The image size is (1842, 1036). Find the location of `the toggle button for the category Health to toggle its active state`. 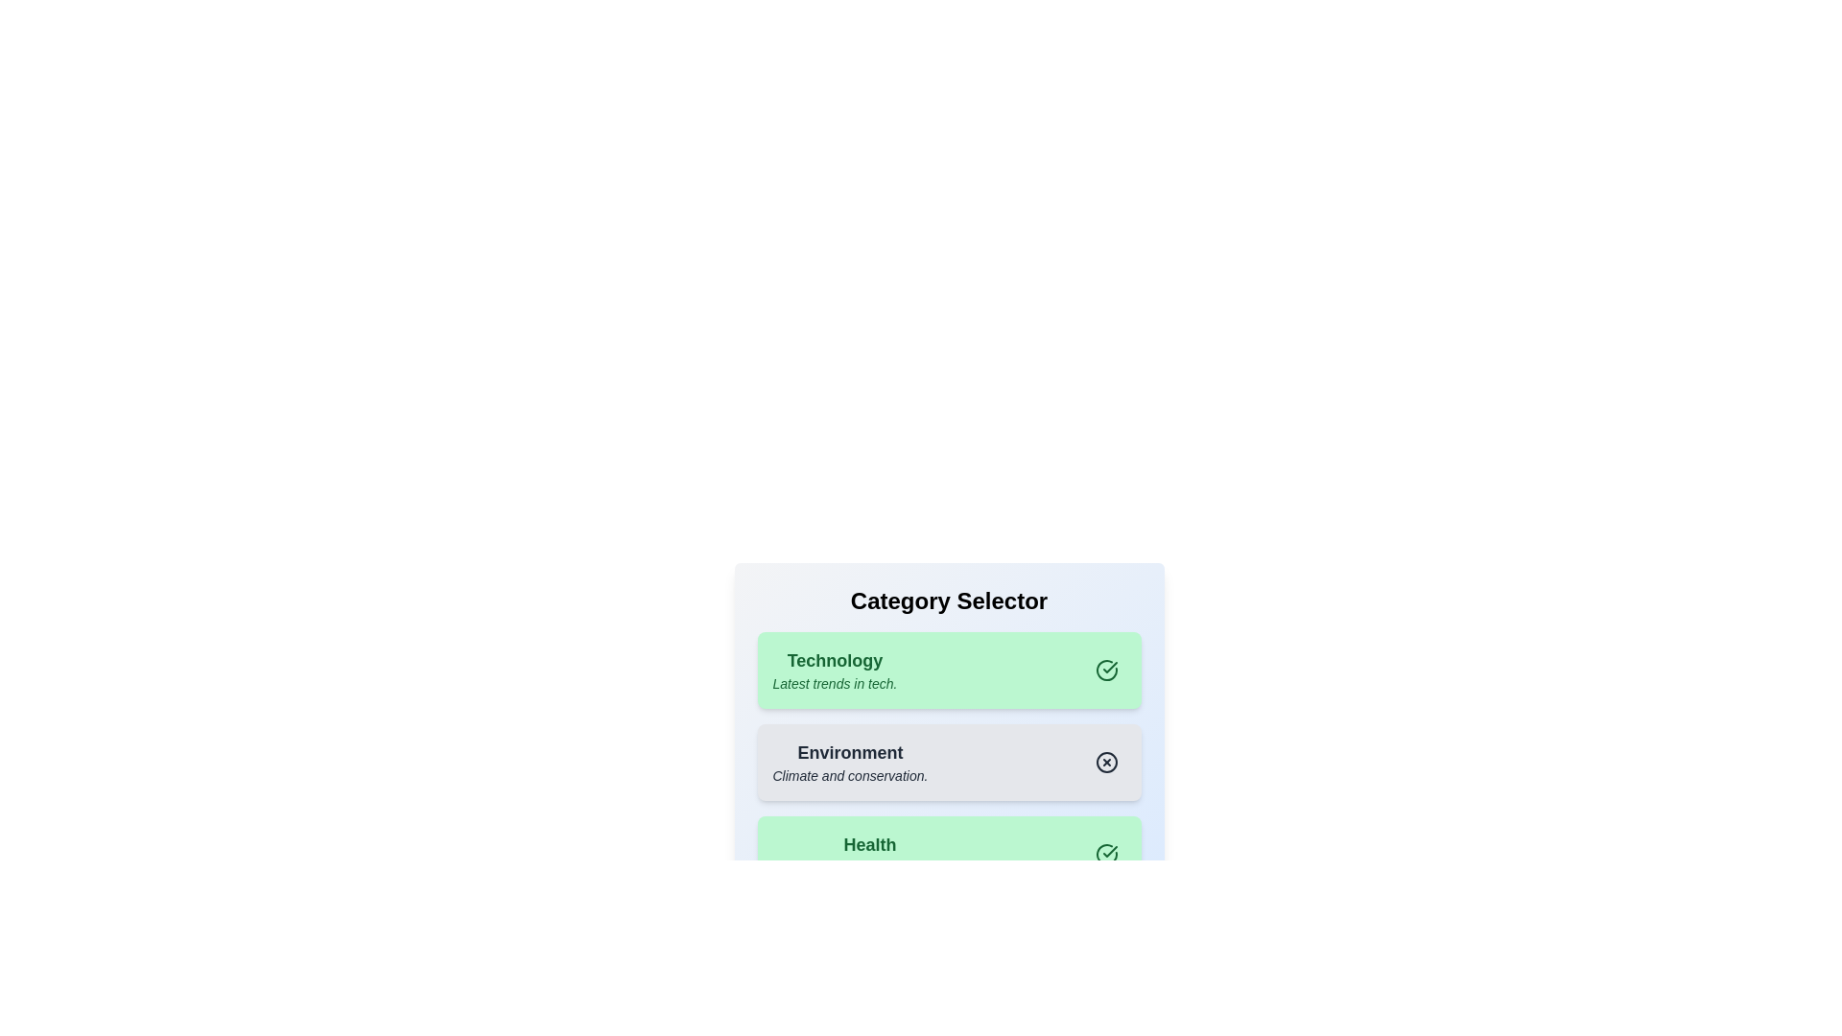

the toggle button for the category Health to toggle its active state is located at coordinates (1106, 854).